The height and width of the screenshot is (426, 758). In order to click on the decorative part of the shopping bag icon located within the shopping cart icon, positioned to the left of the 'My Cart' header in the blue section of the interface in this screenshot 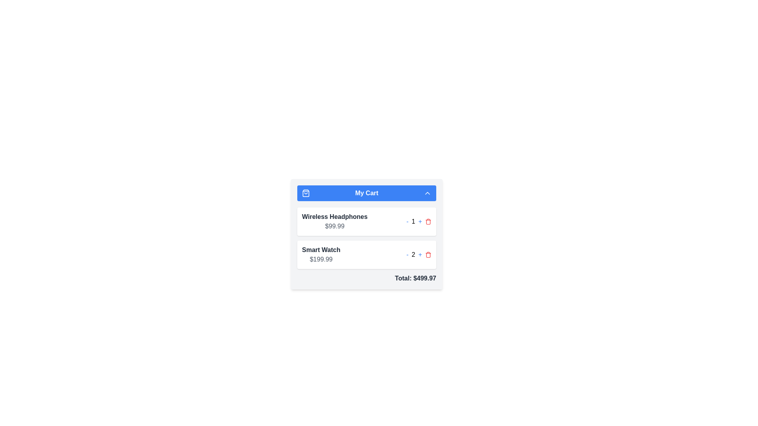, I will do `click(305, 193)`.